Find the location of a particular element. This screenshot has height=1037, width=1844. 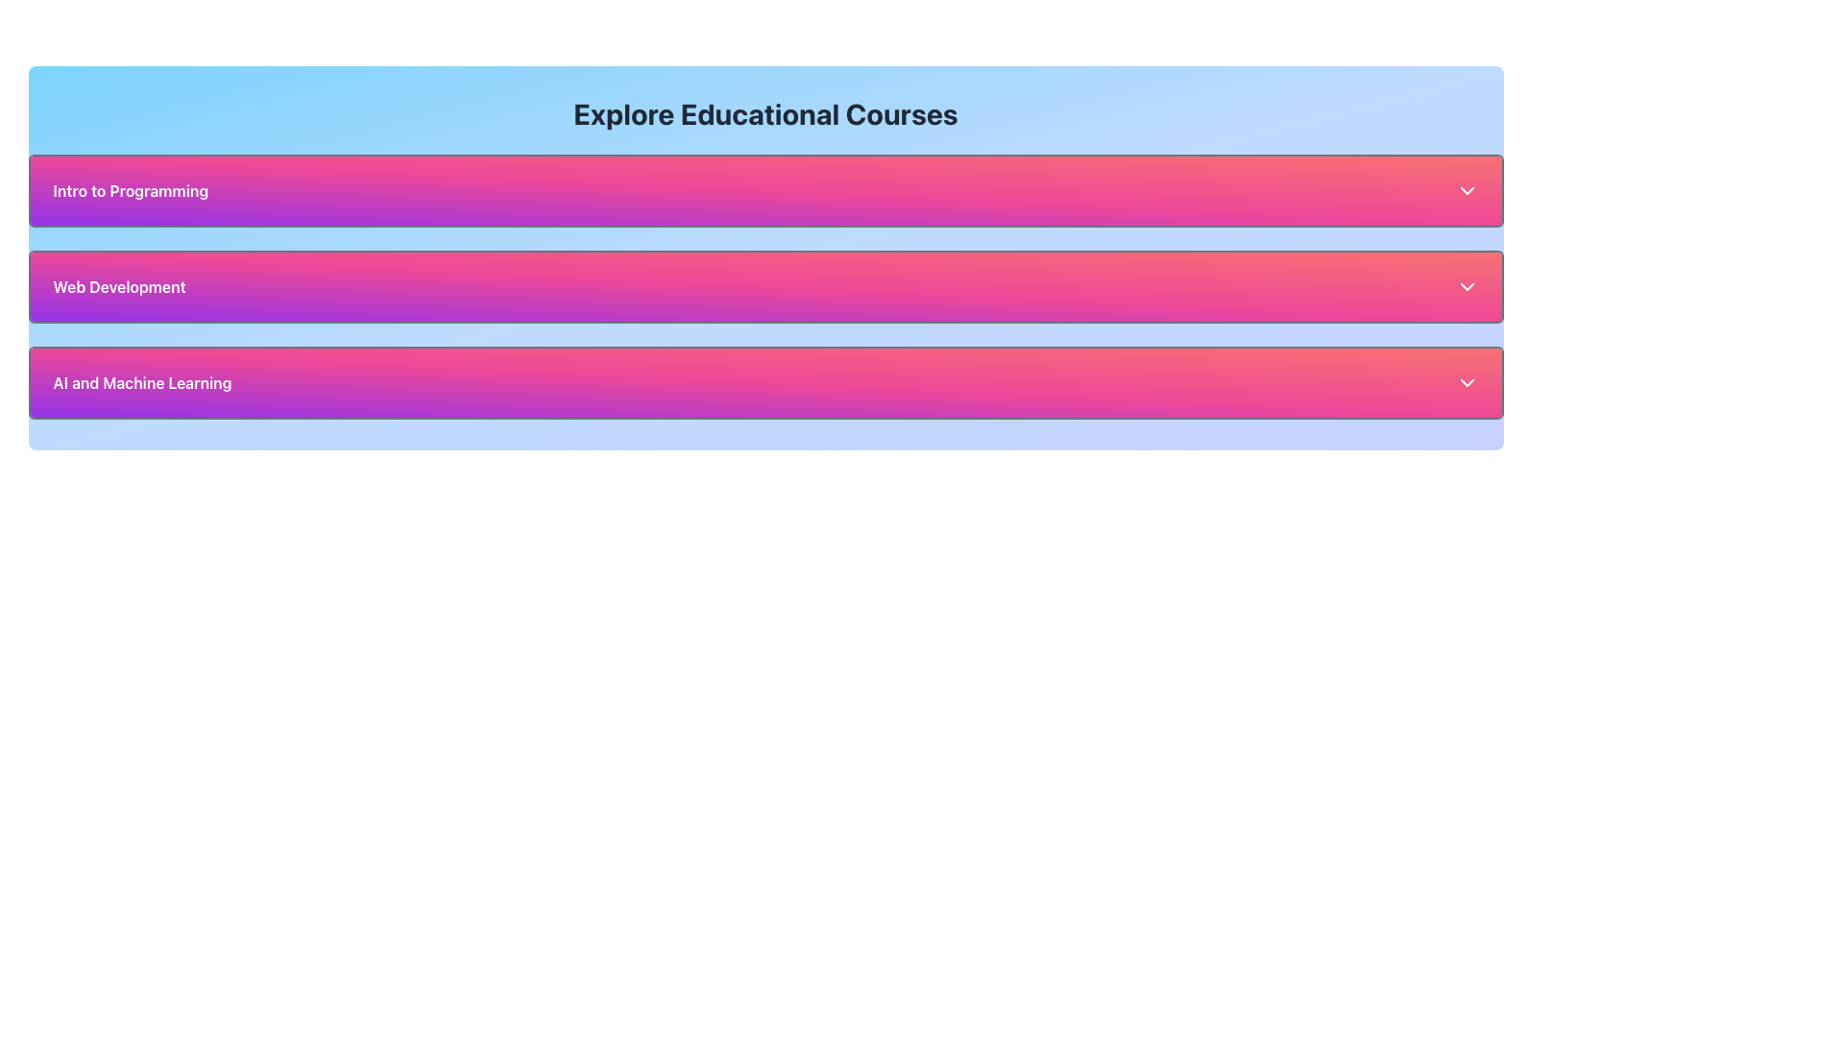

the downward-pointing chevron icon next to the 'Web Development' text is located at coordinates (1466, 287).